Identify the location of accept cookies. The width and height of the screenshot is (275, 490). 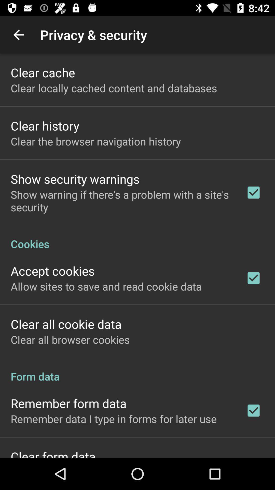
(53, 271).